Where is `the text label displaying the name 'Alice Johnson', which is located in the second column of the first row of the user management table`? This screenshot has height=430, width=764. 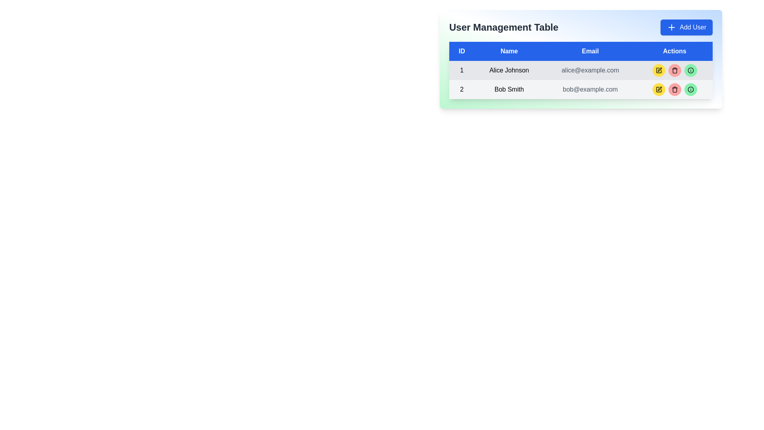
the text label displaying the name 'Alice Johnson', which is located in the second column of the first row of the user management table is located at coordinates (509, 70).